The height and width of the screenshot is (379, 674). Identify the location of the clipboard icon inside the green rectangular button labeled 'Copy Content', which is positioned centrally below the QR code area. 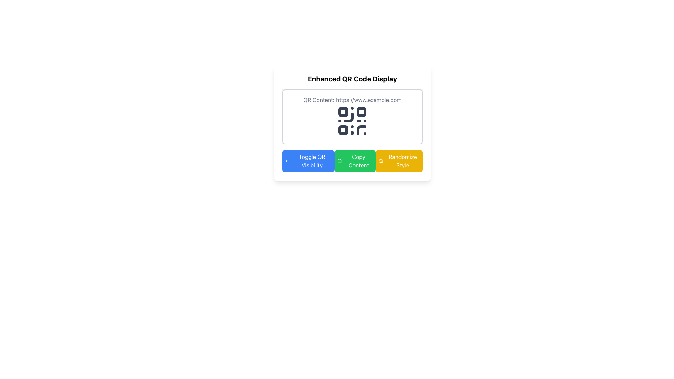
(339, 161).